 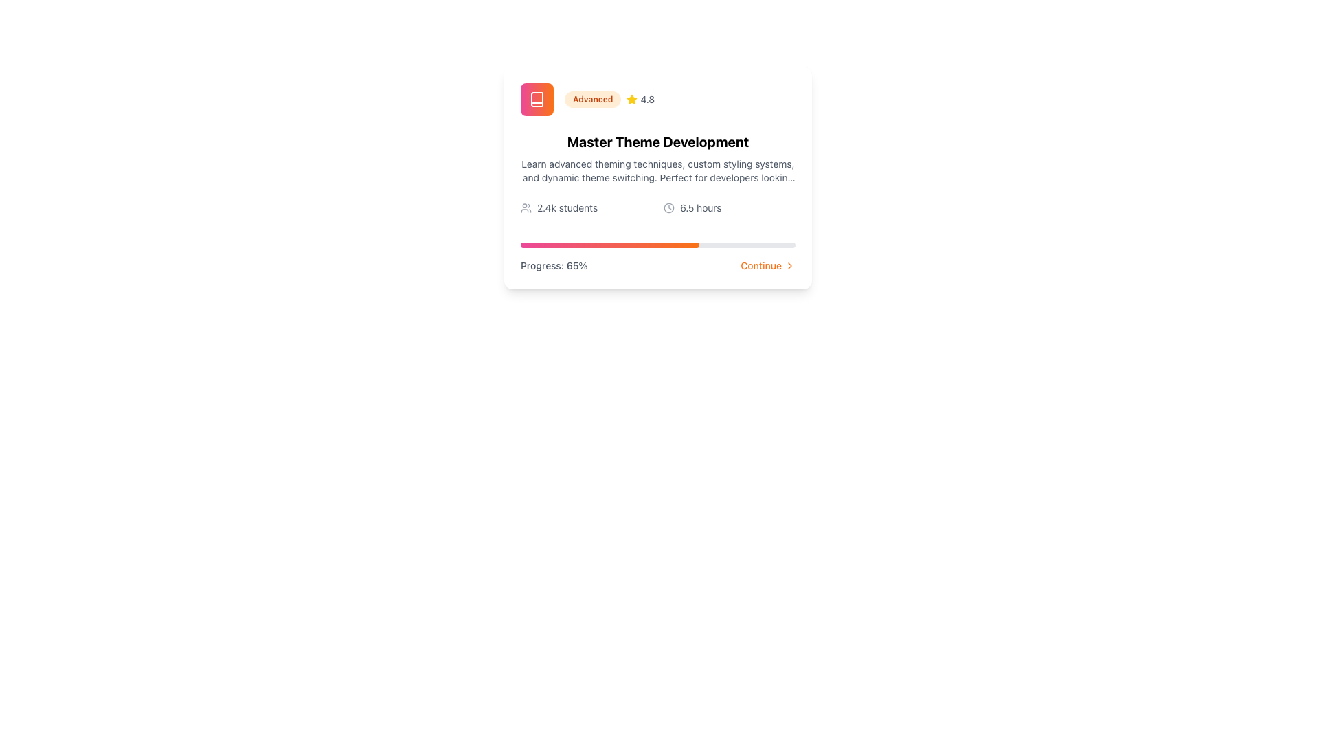 What do you see at coordinates (657, 287) in the screenshot?
I see `the decorative bar located at the bottom edge of the card containing 'Master Theme Development' details to indicate its active state` at bounding box center [657, 287].